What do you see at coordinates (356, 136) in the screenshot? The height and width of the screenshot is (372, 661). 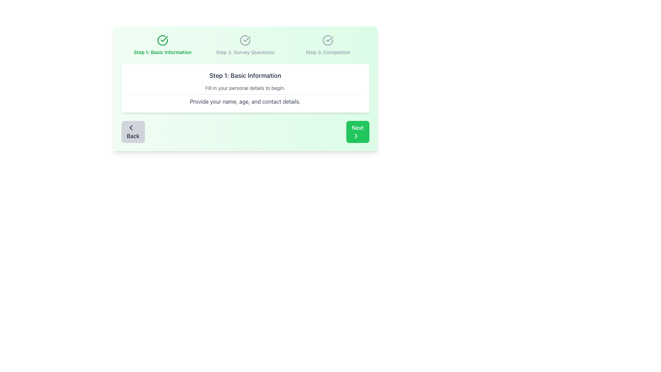 I see `the chevron-right icon within the 'Next' button located at the bottom-right corner of the green circle with a checkmark to proceed` at bounding box center [356, 136].